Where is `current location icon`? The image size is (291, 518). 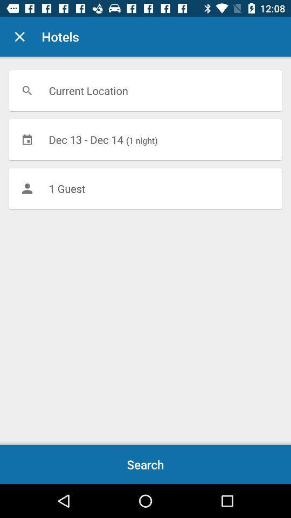 current location icon is located at coordinates (145, 90).